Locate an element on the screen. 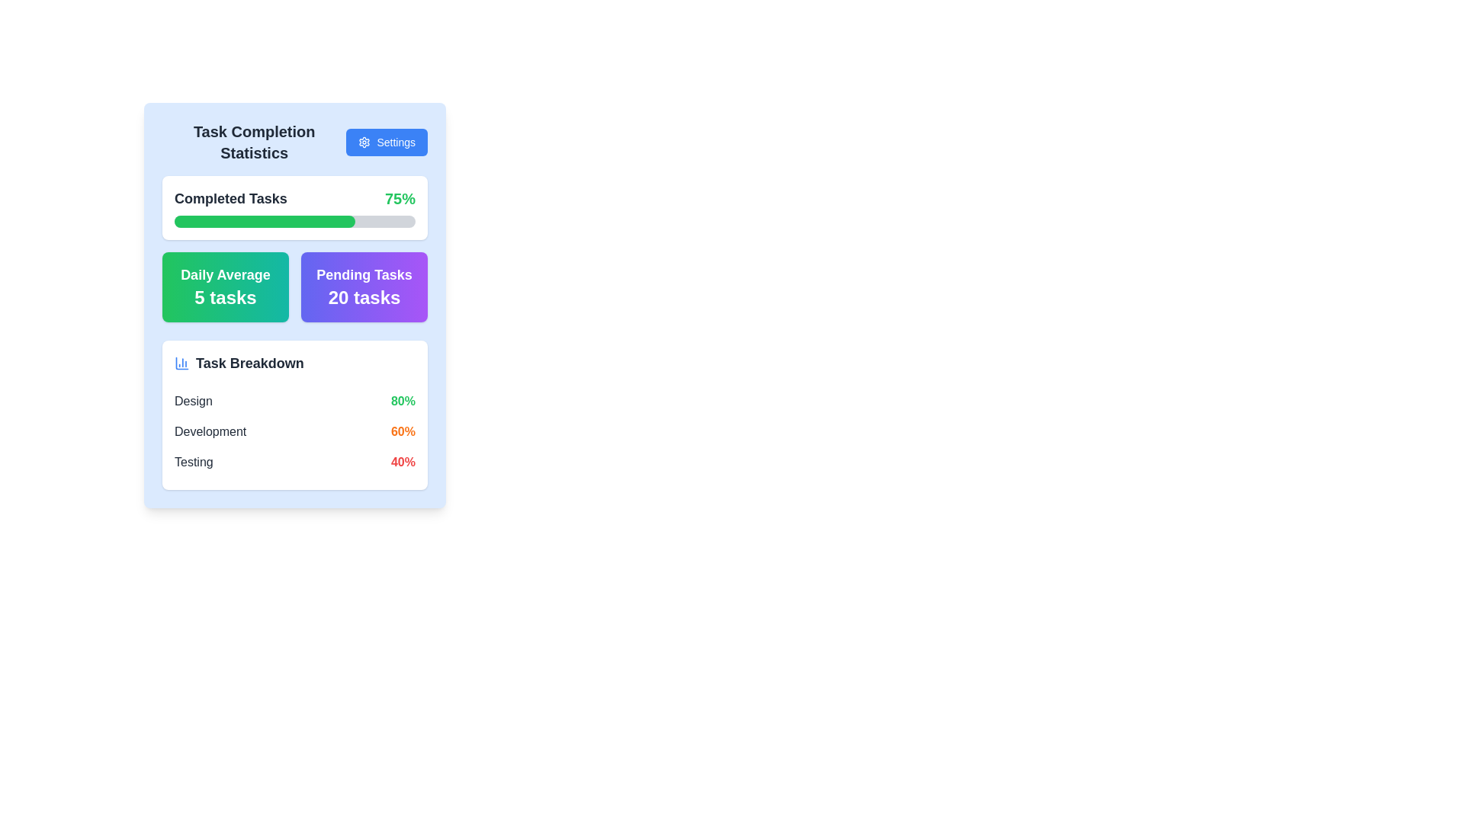  completion status of the progress bar, which is filled up to 75% and located in the middle of the 'Completed Tasks' UI component is located at coordinates (265, 221).